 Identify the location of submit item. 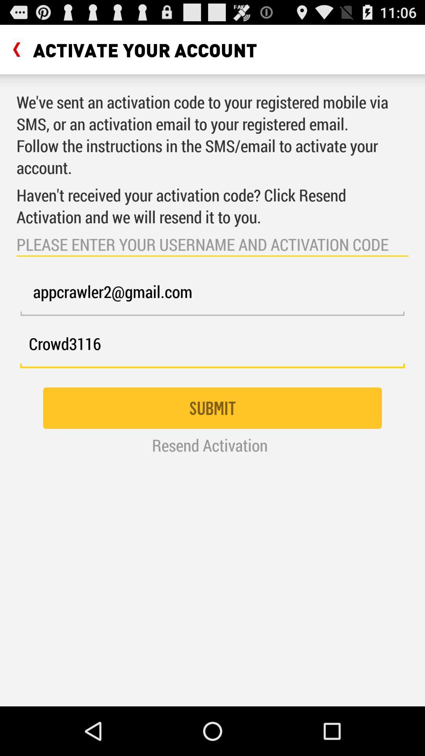
(213, 408).